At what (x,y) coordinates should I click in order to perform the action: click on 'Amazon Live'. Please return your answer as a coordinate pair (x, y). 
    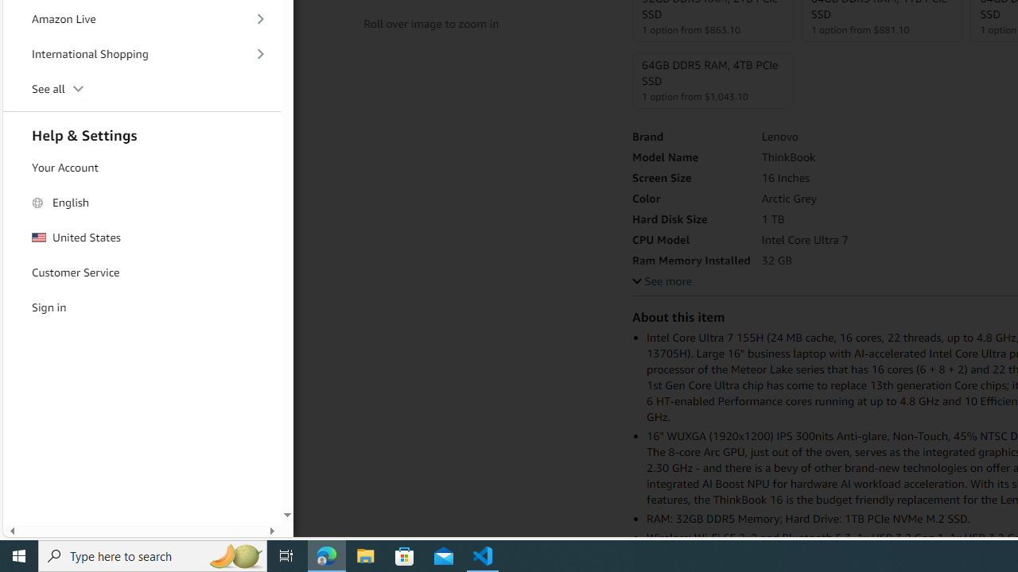
    Looking at the image, I should click on (142, 19).